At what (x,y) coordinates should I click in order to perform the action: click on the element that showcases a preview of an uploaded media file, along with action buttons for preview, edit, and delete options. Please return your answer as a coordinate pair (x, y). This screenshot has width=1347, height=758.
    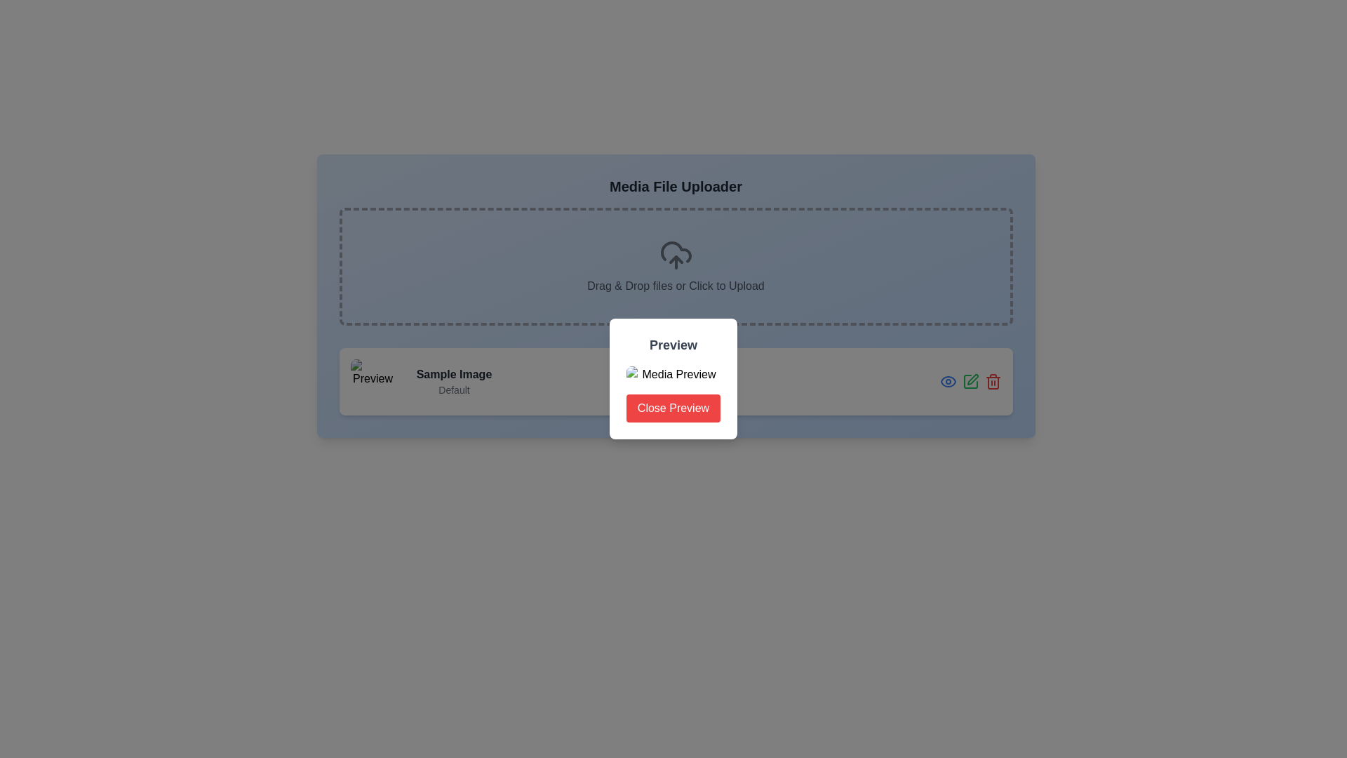
    Looking at the image, I should click on (676, 381).